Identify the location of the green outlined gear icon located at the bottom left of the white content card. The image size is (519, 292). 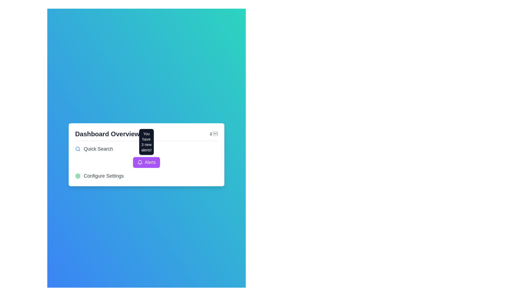
(78, 176).